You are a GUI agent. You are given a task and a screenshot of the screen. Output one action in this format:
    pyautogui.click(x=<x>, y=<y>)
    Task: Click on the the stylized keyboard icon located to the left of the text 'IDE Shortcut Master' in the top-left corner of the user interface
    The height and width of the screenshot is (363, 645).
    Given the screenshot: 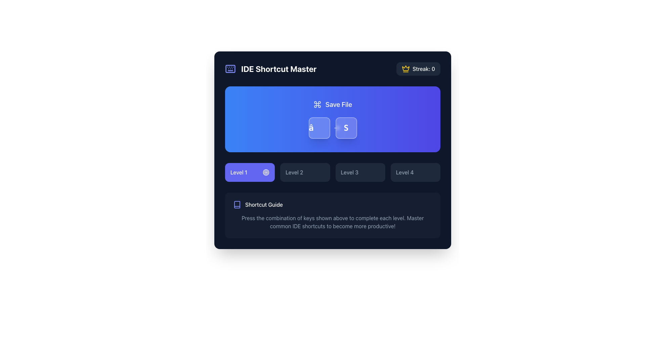 What is the action you would take?
    pyautogui.click(x=230, y=69)
    